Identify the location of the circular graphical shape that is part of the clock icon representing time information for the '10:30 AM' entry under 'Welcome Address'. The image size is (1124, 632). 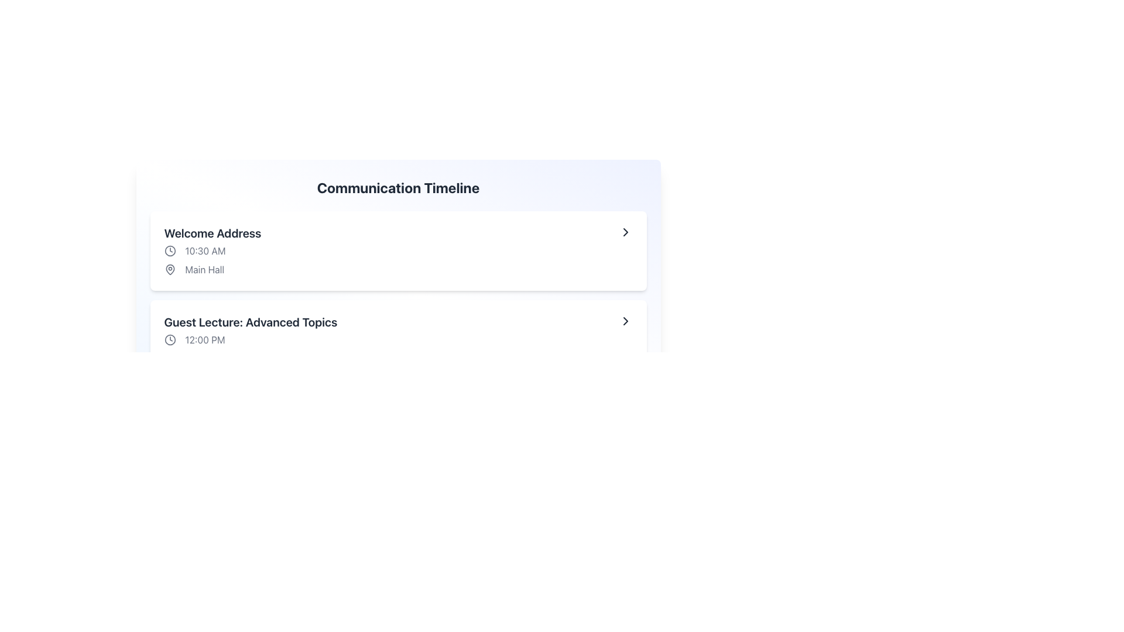
(169, 250).